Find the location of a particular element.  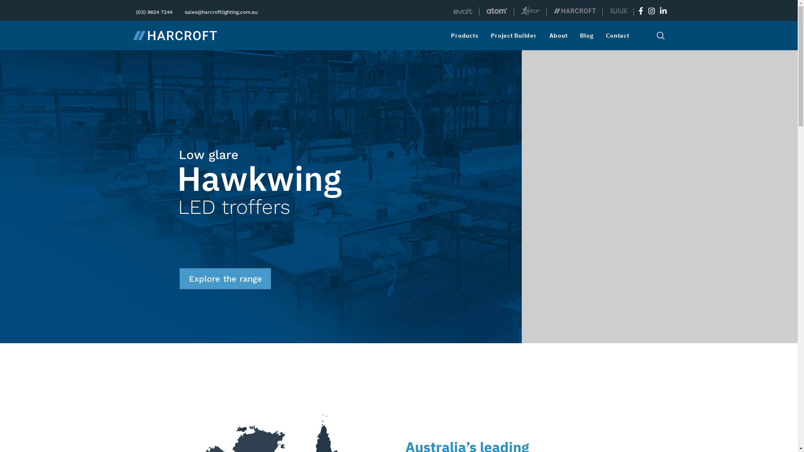

'Xulux Lighting' is located at coordinates (609, 11).